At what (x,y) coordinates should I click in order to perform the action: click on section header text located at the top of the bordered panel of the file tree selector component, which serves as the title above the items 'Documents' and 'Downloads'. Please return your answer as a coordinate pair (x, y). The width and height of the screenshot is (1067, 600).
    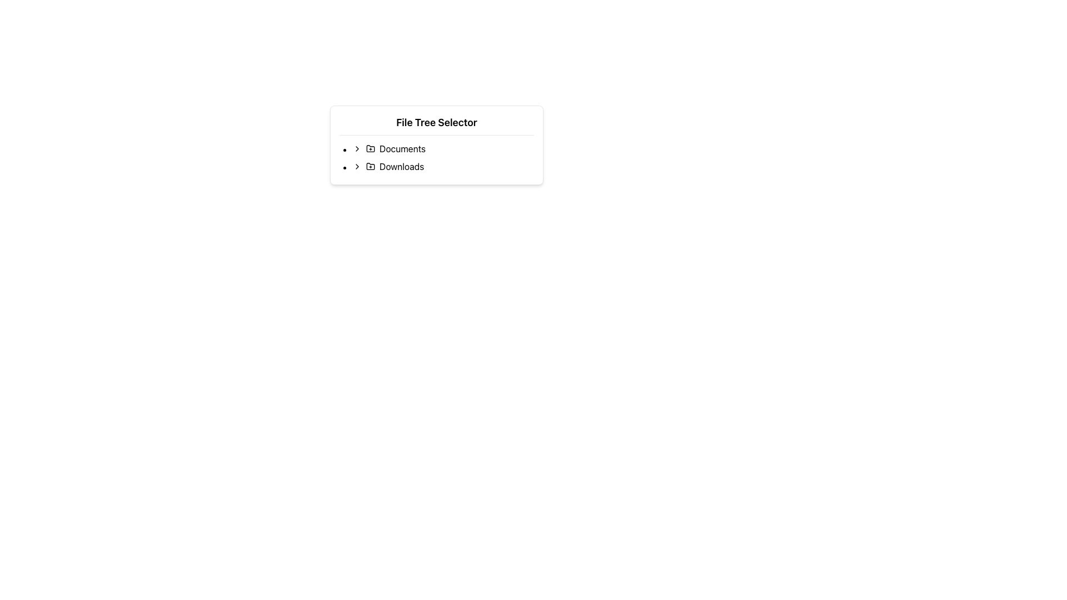
    Looking at the image, I should click on (436, 122).